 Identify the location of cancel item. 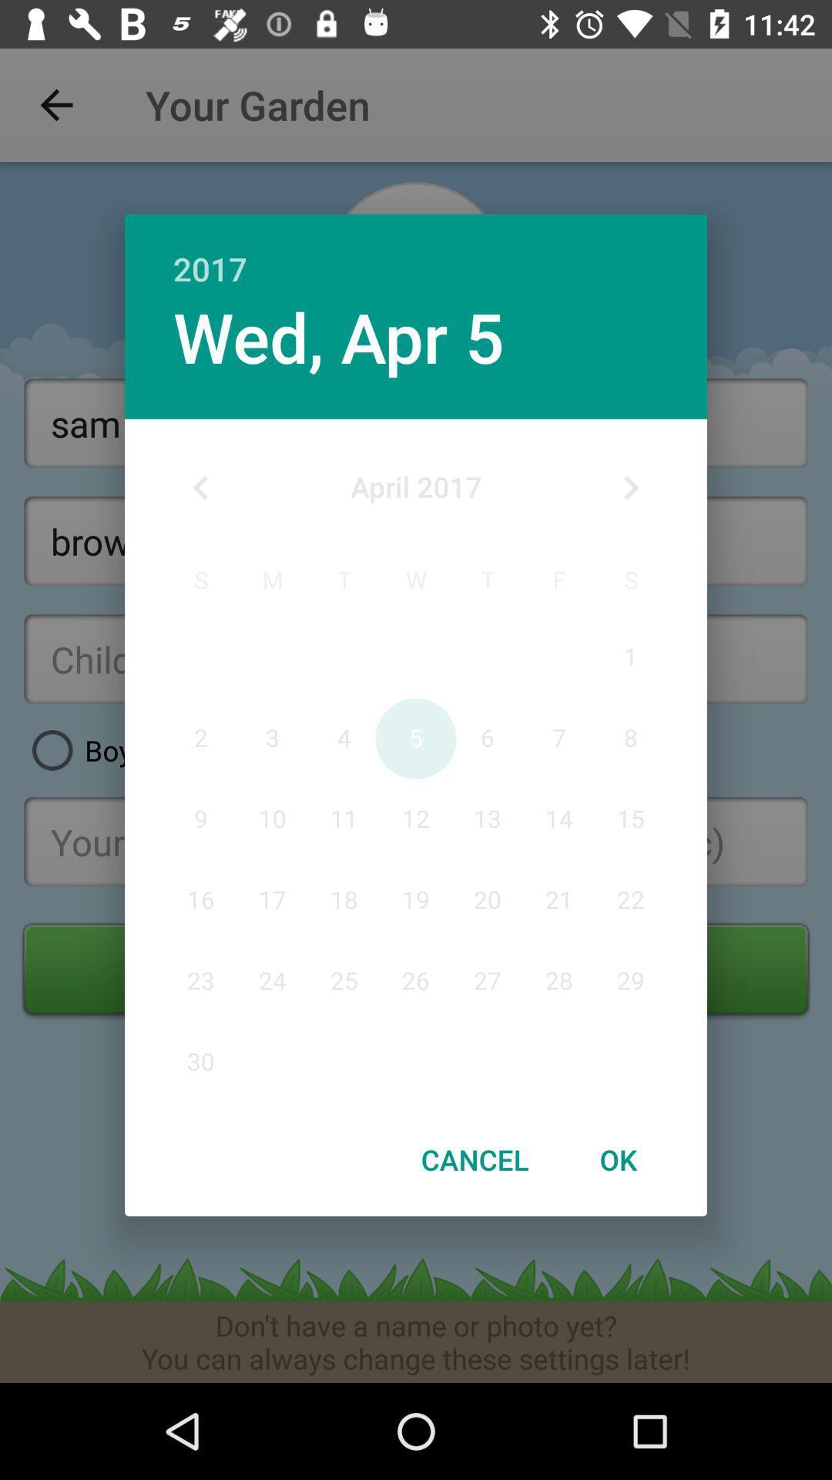
(474, 1159).